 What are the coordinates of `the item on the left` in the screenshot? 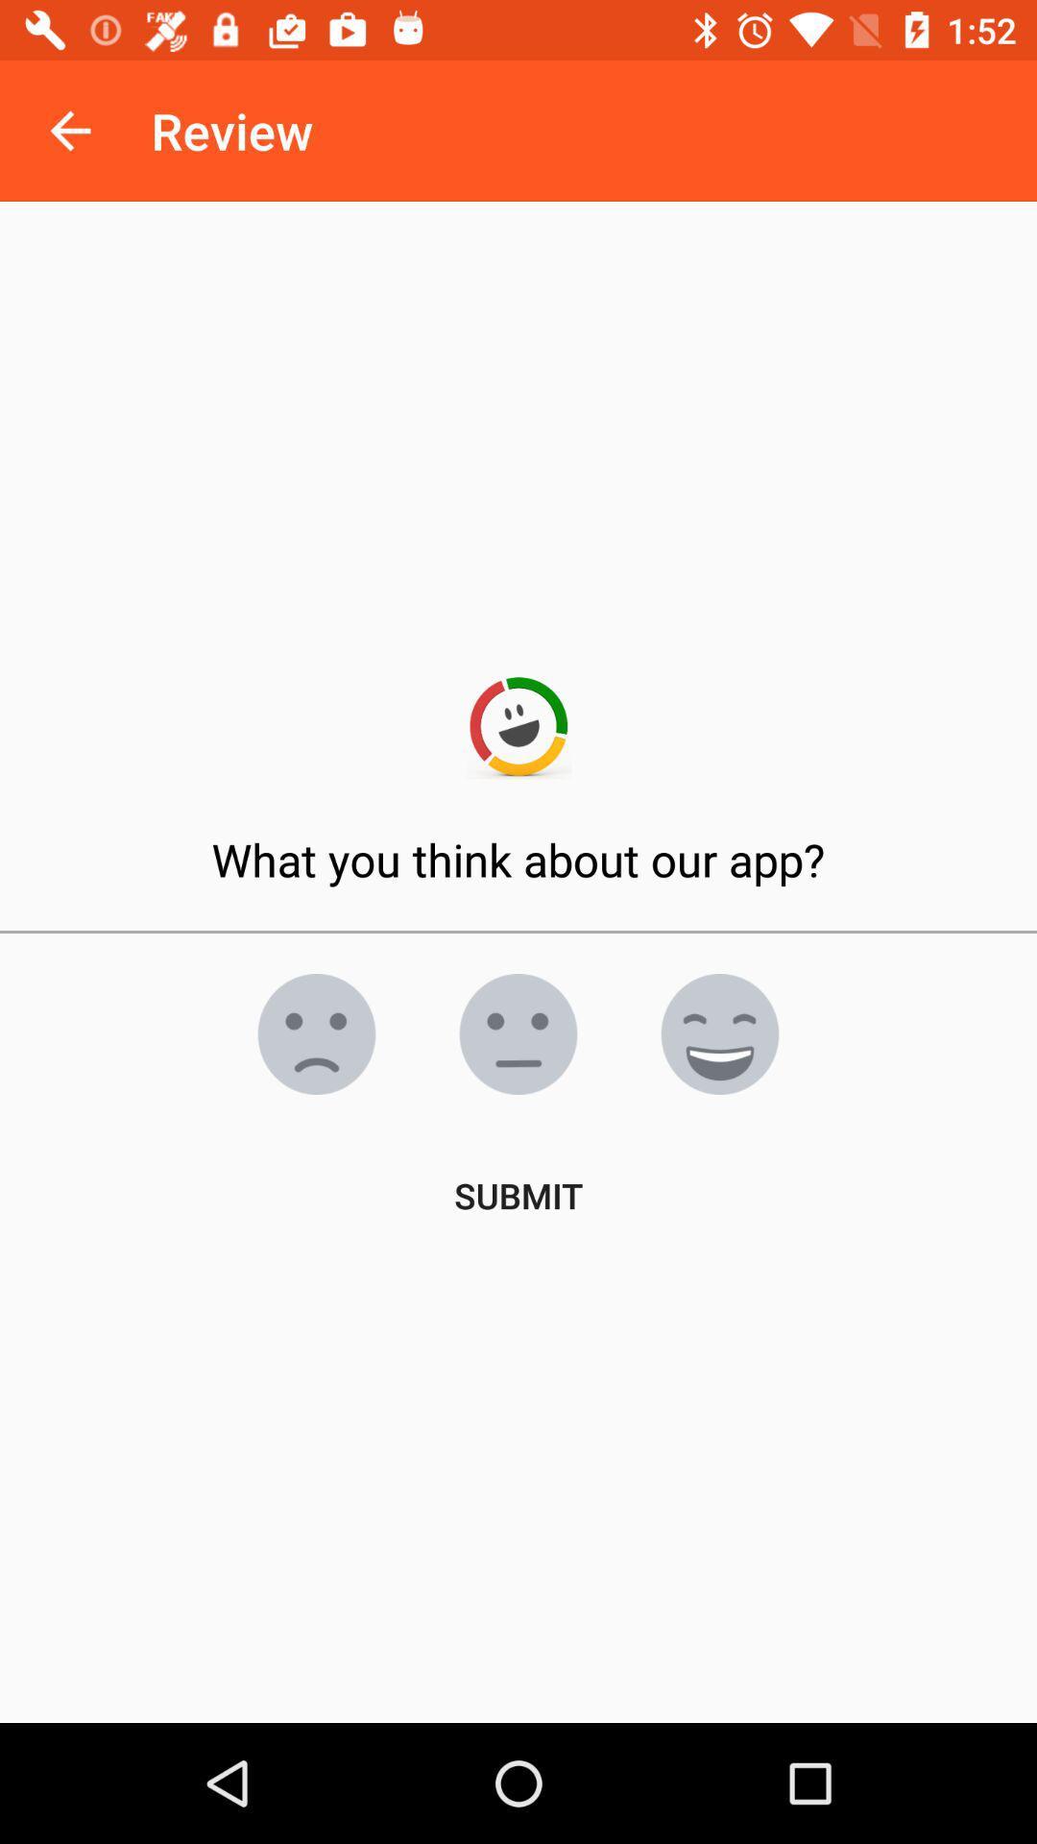 It's located at (316, 1032).